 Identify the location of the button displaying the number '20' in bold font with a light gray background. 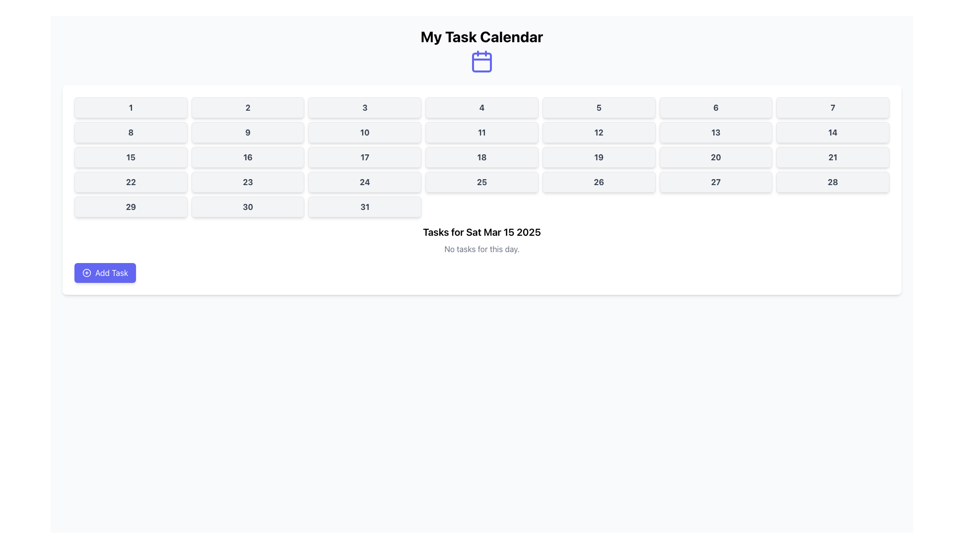
(716, 156).